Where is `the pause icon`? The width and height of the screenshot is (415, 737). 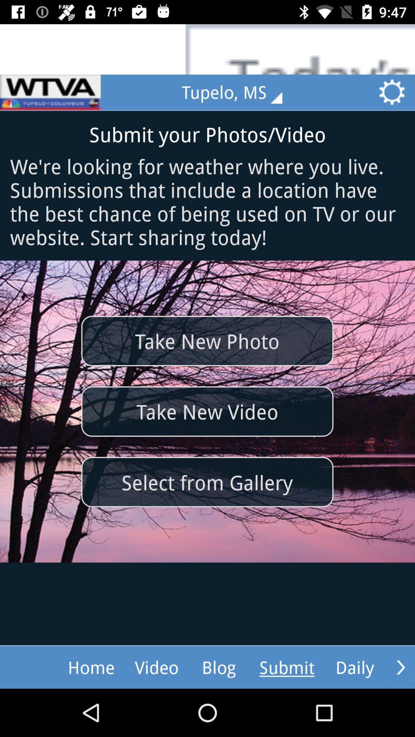 the pause icon is located at coordinates (50, 92).